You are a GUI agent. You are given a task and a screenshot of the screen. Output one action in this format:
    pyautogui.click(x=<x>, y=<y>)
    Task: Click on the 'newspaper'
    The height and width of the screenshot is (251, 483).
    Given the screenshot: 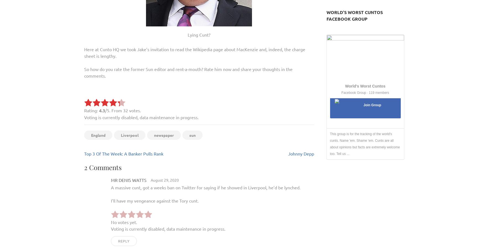 What is the action you would take?
    pyautogui.click(x=164, y=135)
    